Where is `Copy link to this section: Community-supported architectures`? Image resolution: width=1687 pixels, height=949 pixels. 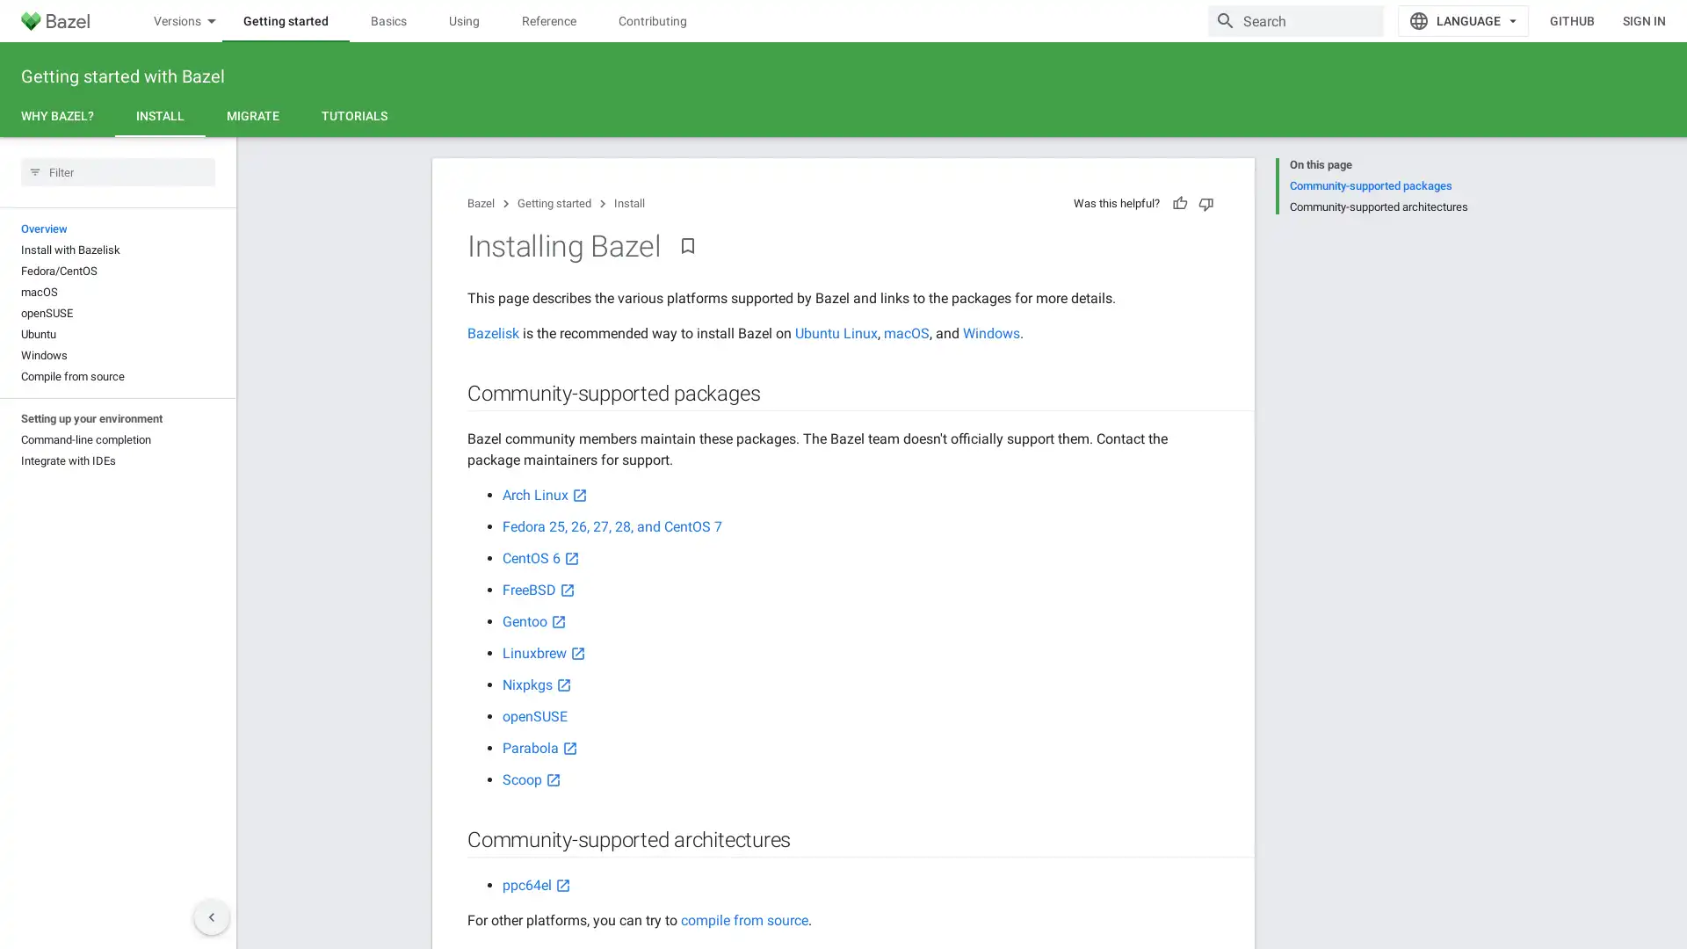
Copy link to this section: Community-supported architectures is located at coordinates (807, 839).